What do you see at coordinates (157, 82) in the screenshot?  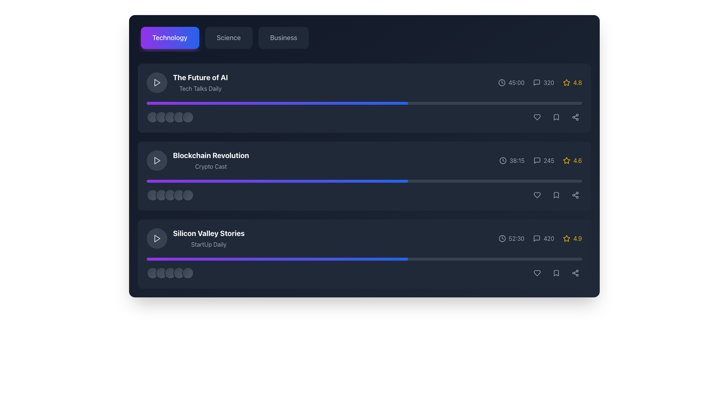 I see `the first play button icon, which is a triangular white polygon contained within a circular frame, located in the topmost media card titled 'The Future of AI'` at bounding box center [157, 82].